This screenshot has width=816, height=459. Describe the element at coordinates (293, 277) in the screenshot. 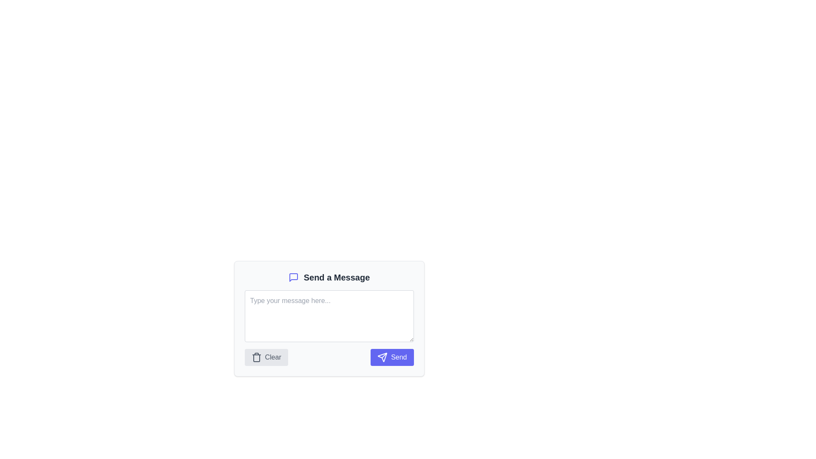

I see `the messaging icon located in the top-left corner of the messaging input box, adjacent to the 'Send a Message' text` at that location.